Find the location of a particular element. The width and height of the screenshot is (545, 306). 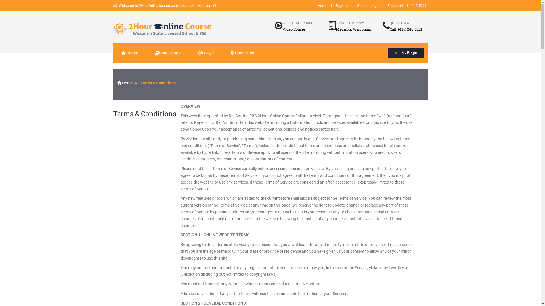

'Home' is located at coordinates (124, 83).